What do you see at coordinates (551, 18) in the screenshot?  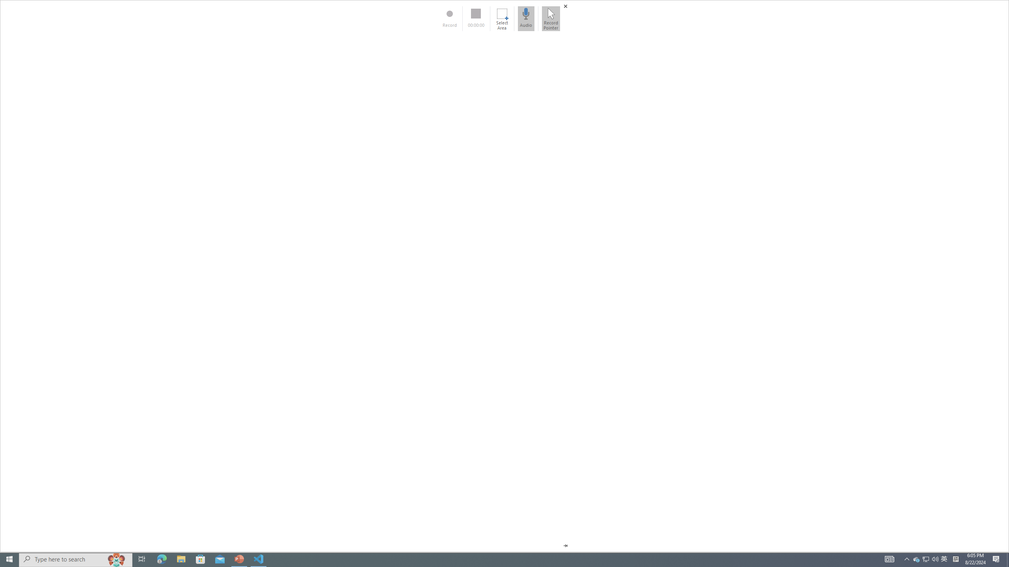 I see `'Record Pointer'` at bounding box center [551, 18].